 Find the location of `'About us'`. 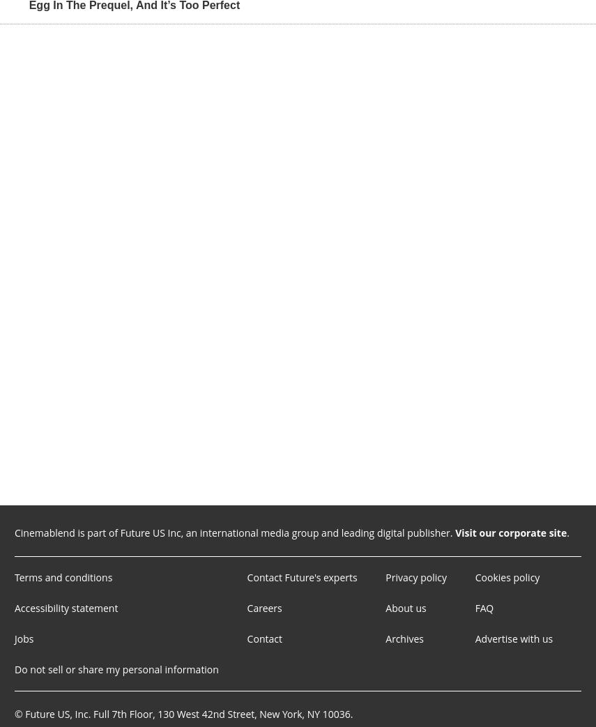

'About us' is located at coordinates (404, 607).